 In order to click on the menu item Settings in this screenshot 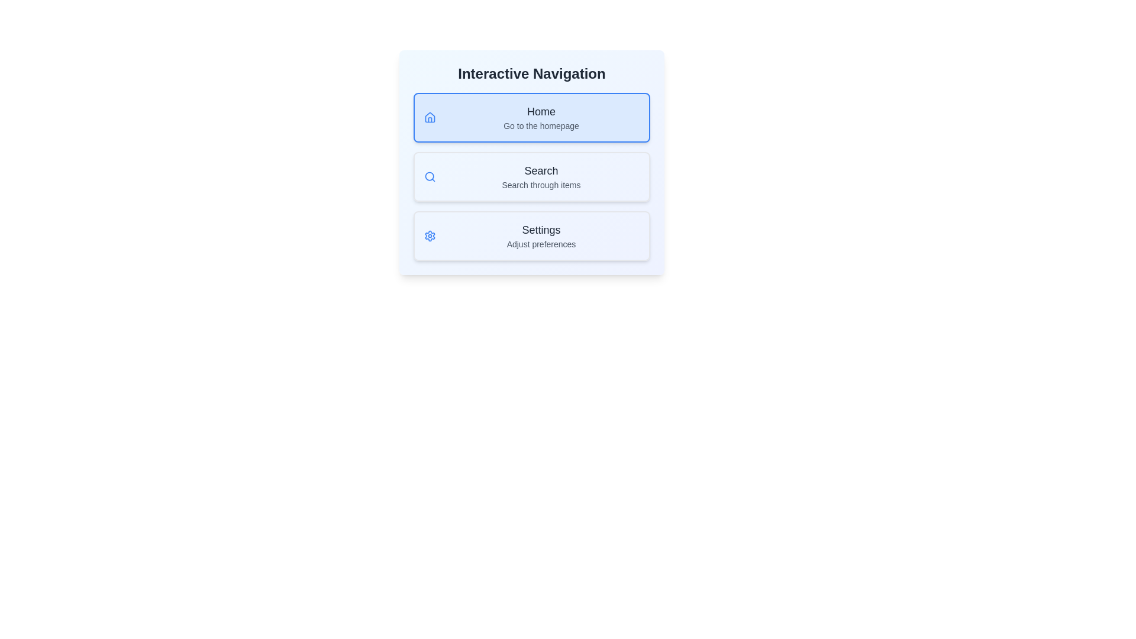, I will do `click(531, 235)`.